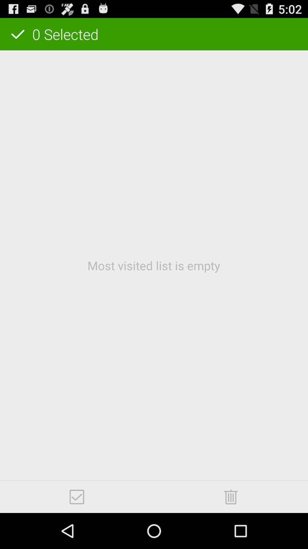 The height and width of the screenshot is (549, 308). What do you see at coordinates (76, 497) in the screenshot?
I see `enable` at bounding box center [76, 497].